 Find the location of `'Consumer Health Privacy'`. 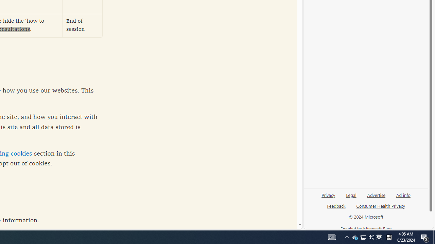

'Consumer Health Privacy' is located at coordinates (381, 208).